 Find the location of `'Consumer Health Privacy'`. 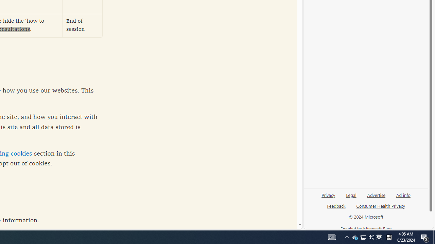

'Consumer Health Privacy' is located at coordinates (381, 208).